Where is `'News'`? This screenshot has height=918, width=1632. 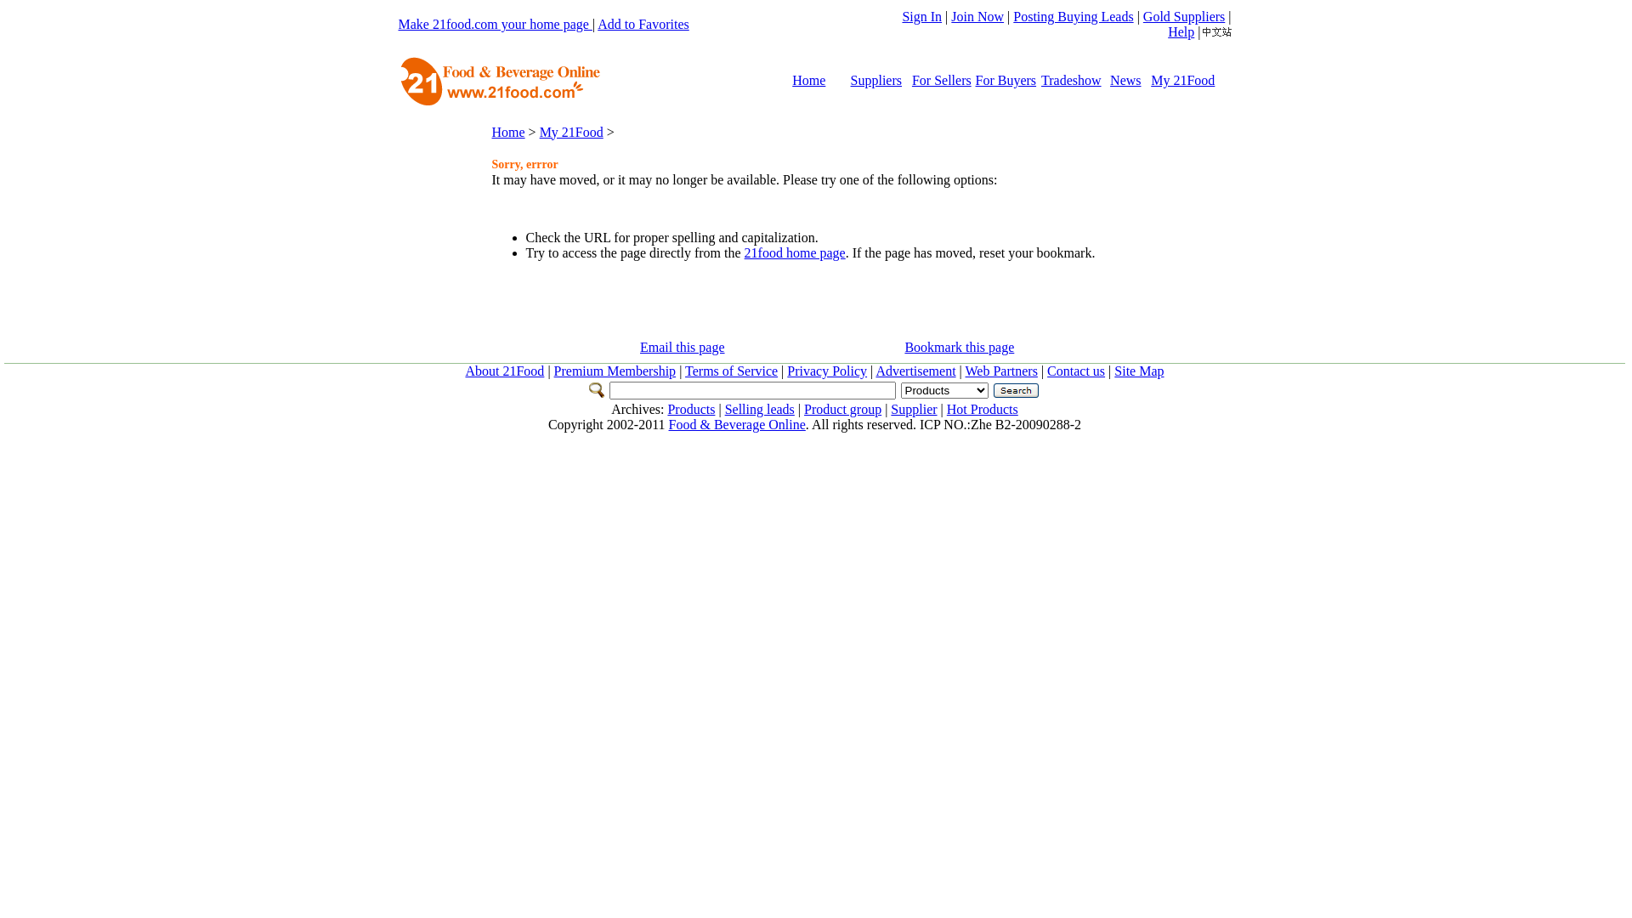 'News' is located at coordinates (1125, 80).